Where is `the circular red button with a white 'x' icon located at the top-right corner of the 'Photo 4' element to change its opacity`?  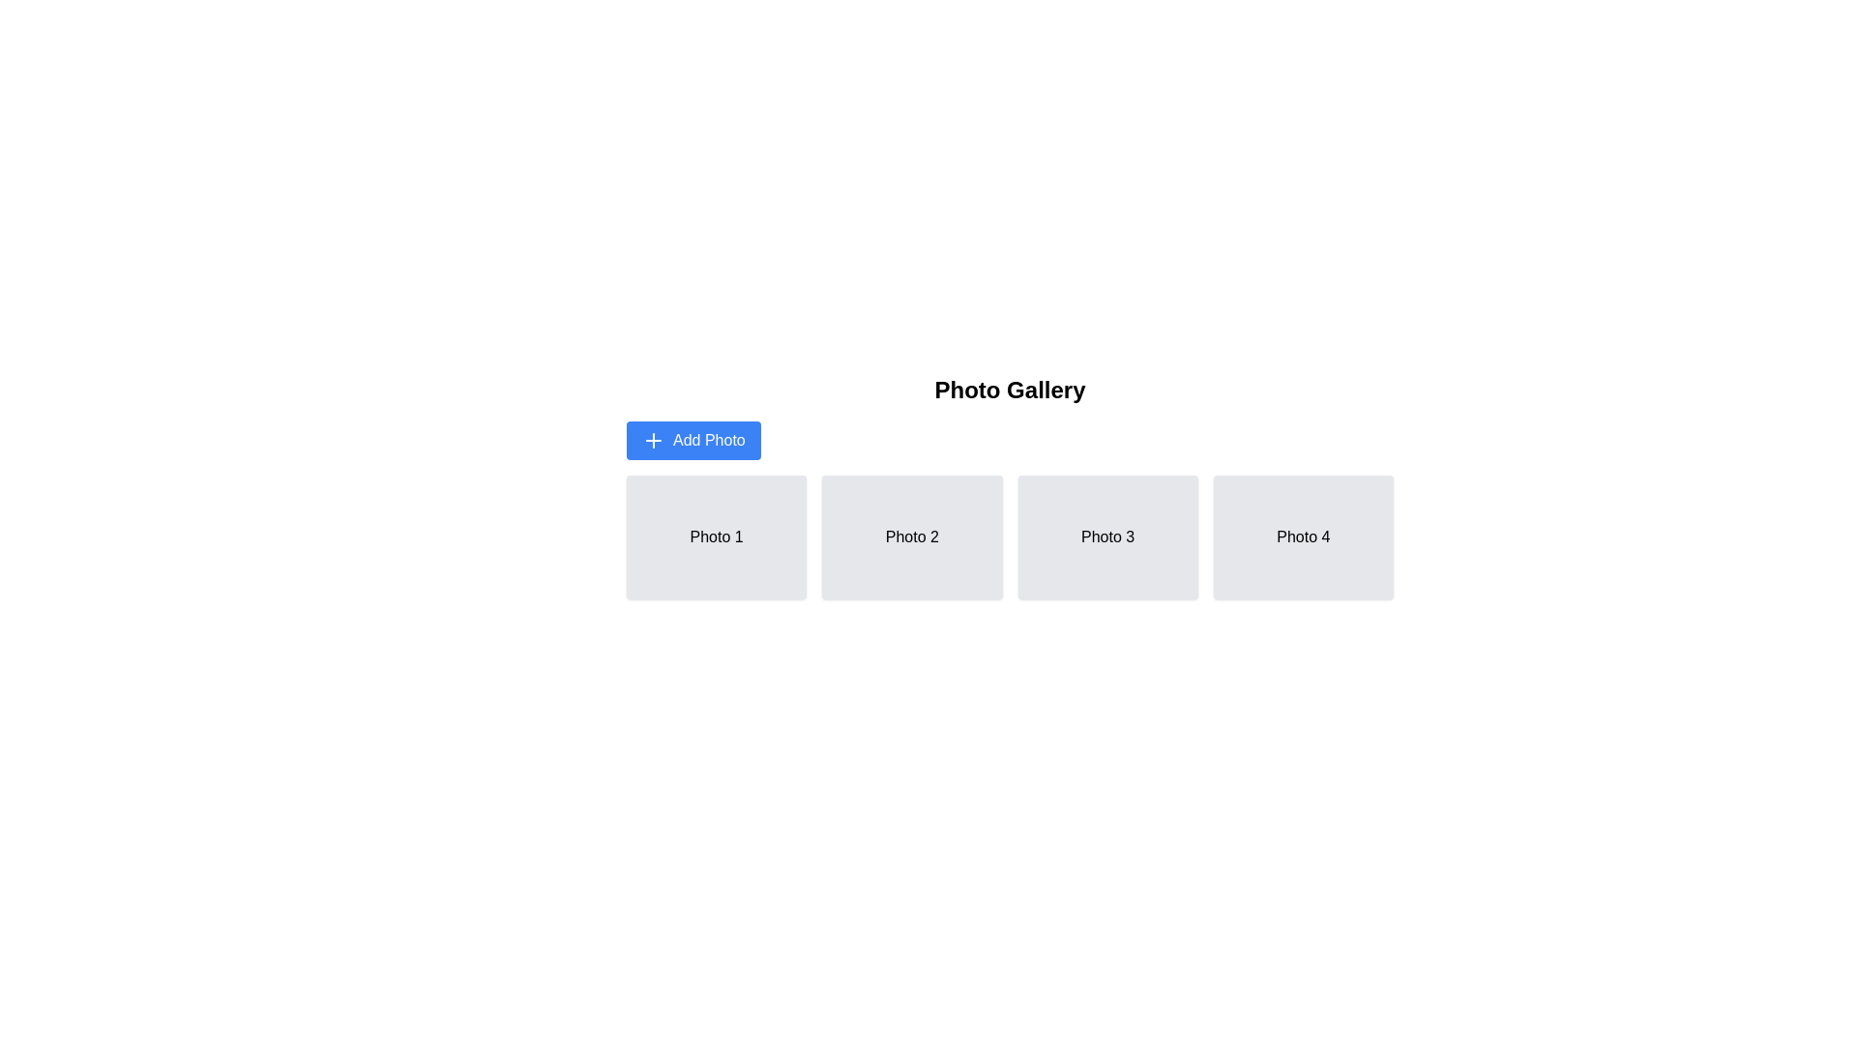 the circular red button with a white 'x' icon located at the top-right corner of the 'Photo 4' element to change its opacity is located at coordinates (1377, 490).